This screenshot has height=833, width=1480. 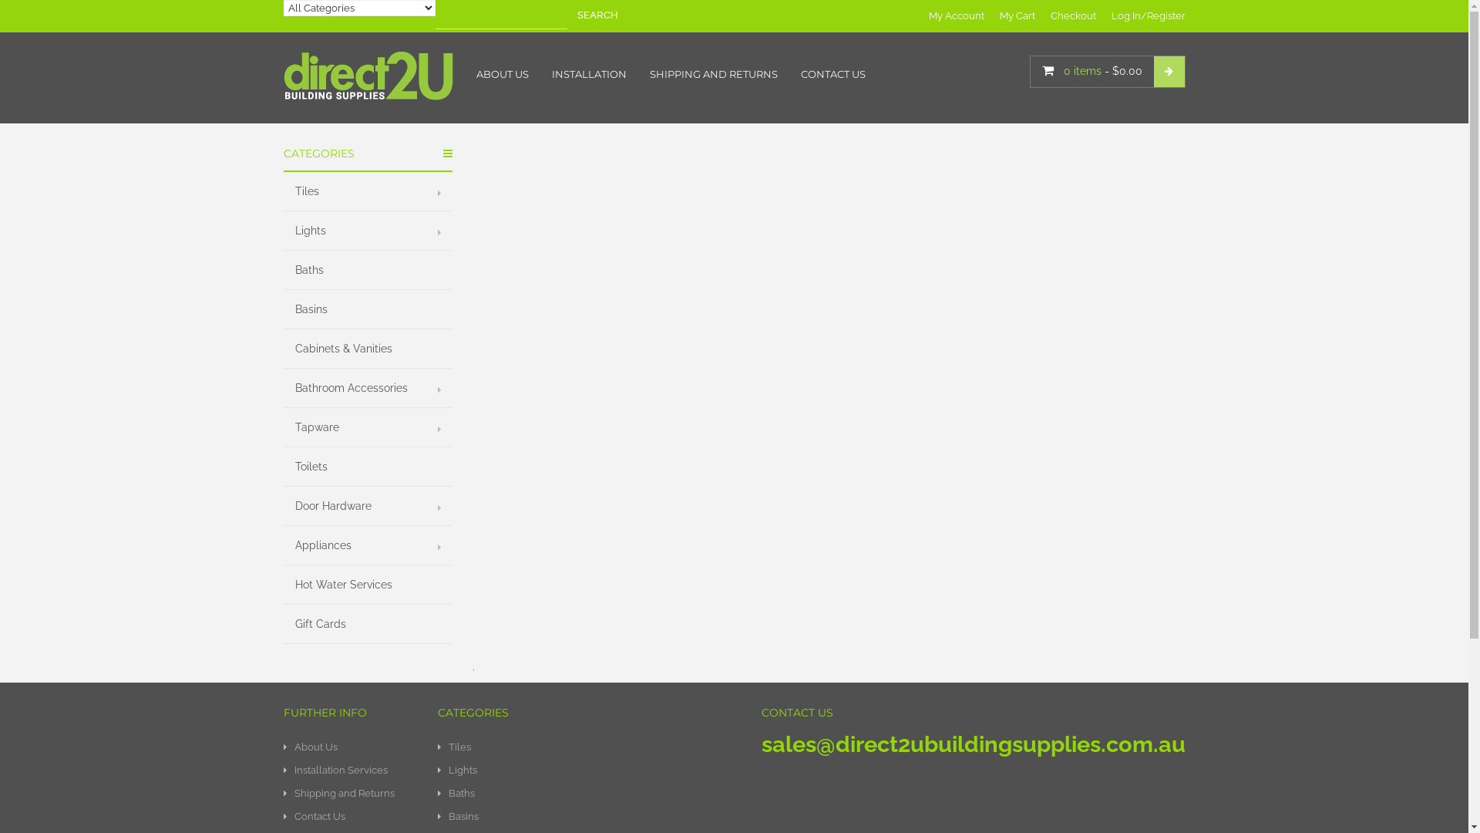 What do you see at coordinates (368, 387) in the screenshot?
I see `'Bathroom Accessories'` at bounding box center [368, 387].